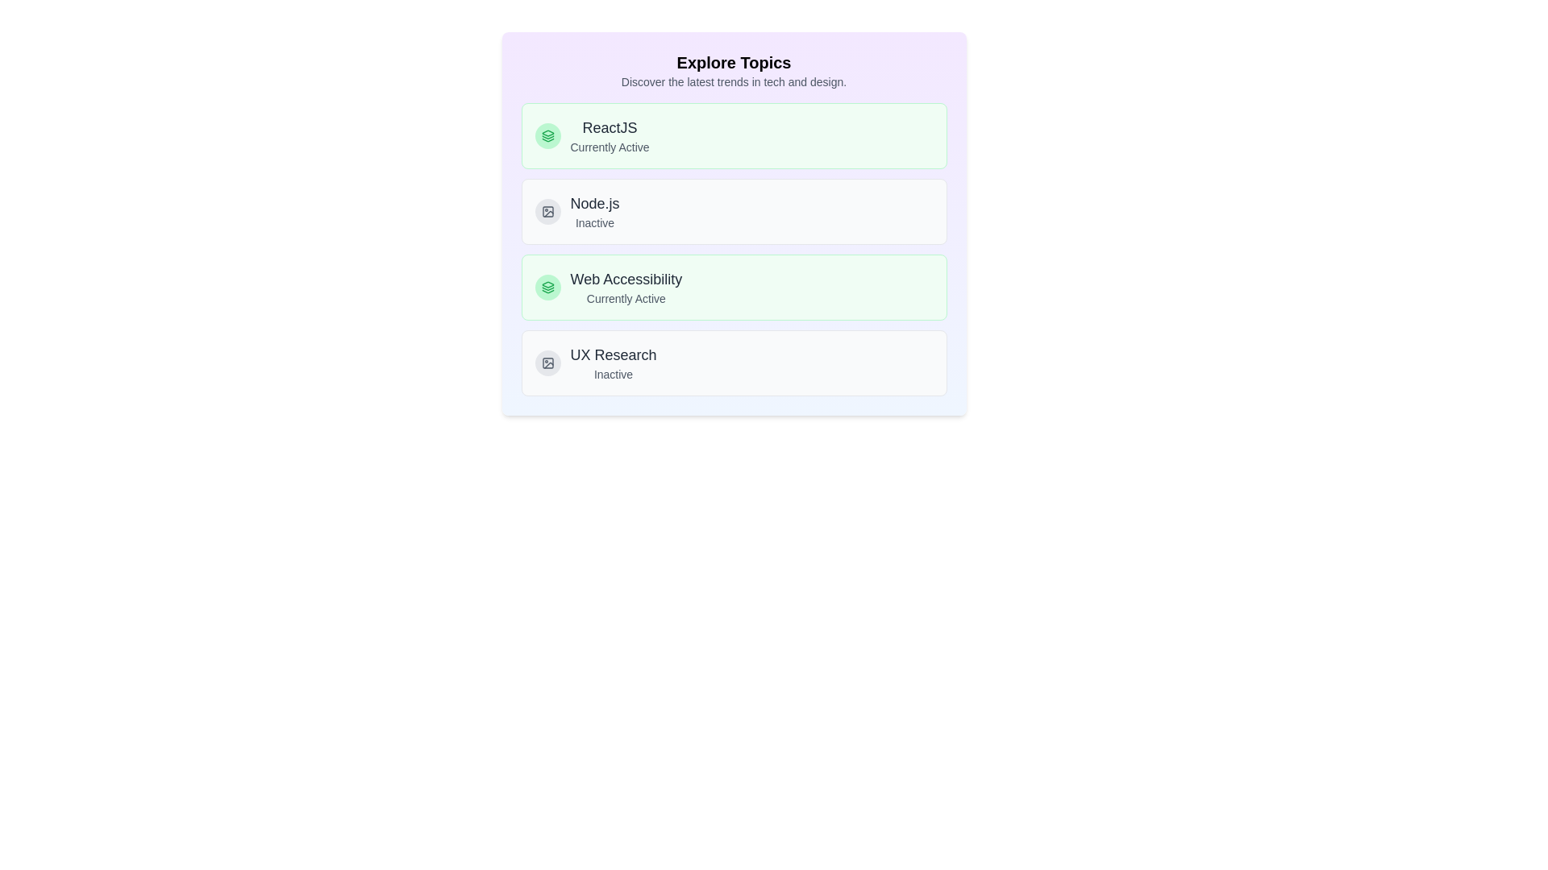  I want to click on the topic UX Research, so click(733, 363).